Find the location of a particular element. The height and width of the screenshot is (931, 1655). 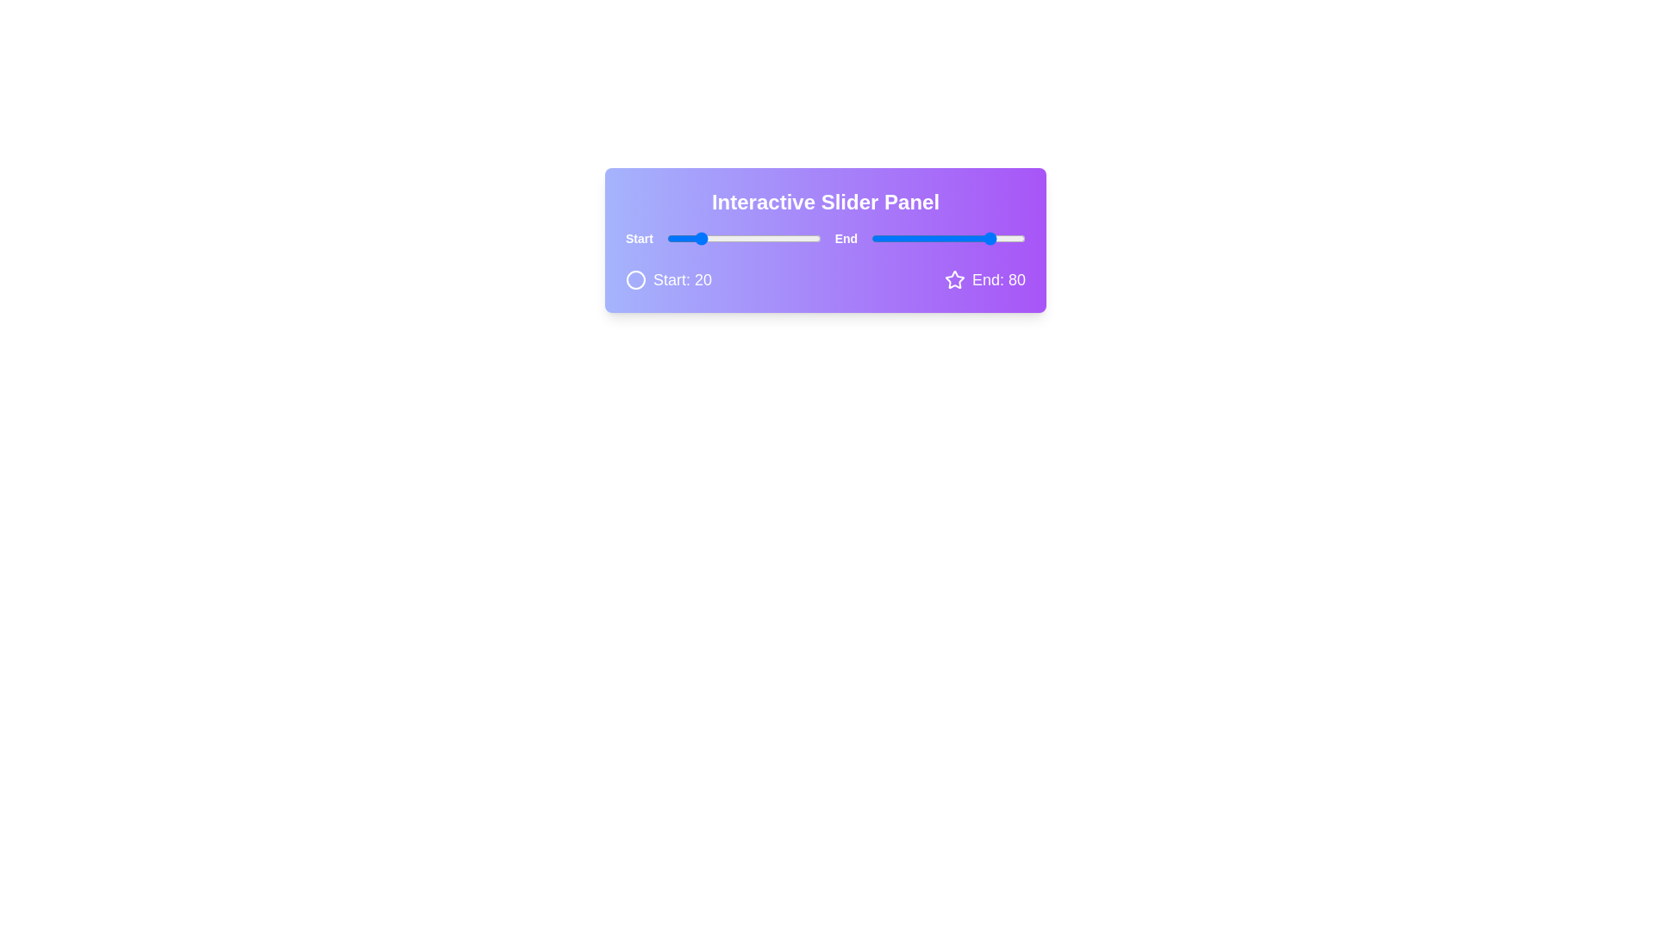

the start slider is located at coordinates (740, 239).